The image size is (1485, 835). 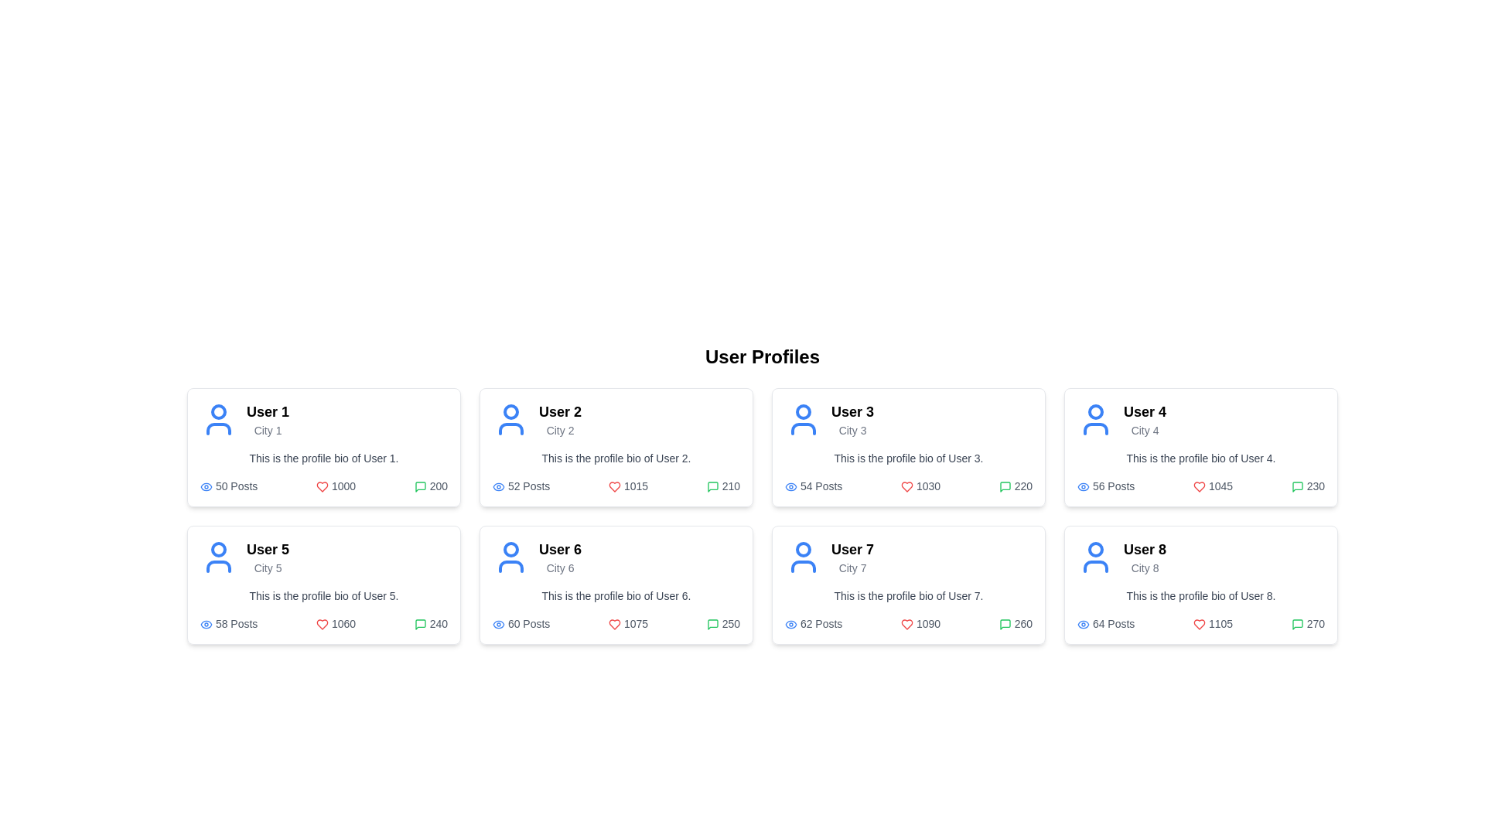 What do you see at coordinates (813, 622) in the screenshot?
I see `the text element displaying the number of posts ('62') made by the user, located in the 'User 7' section, below the profile picture and bio, to the left of the heart icon` at bounding box center [813, 622].